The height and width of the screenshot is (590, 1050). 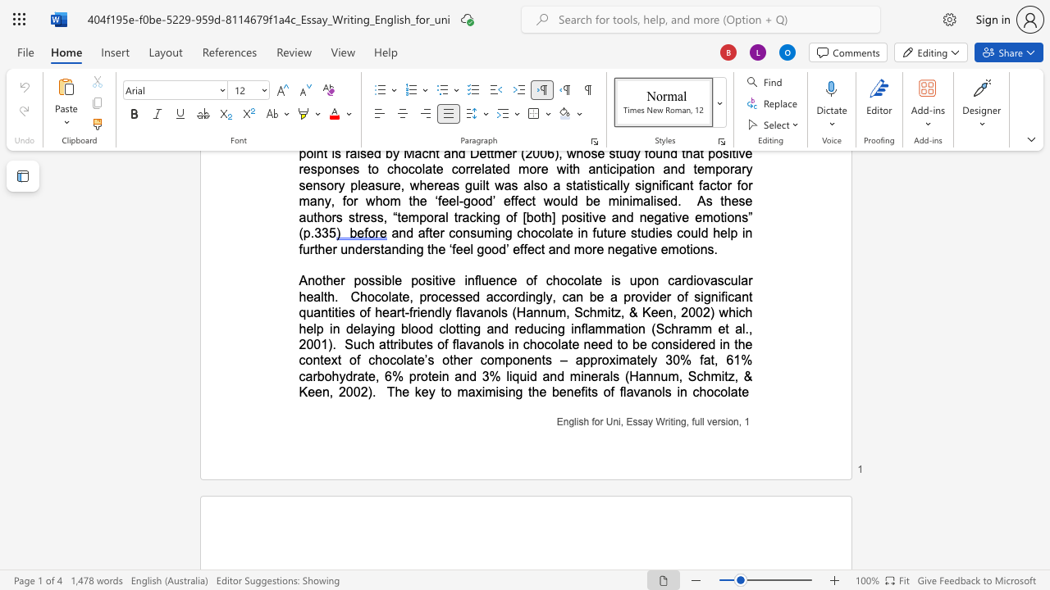 I want to click on the space between the continuous character "d" and "e" in the text, so click(x=689, y=343).